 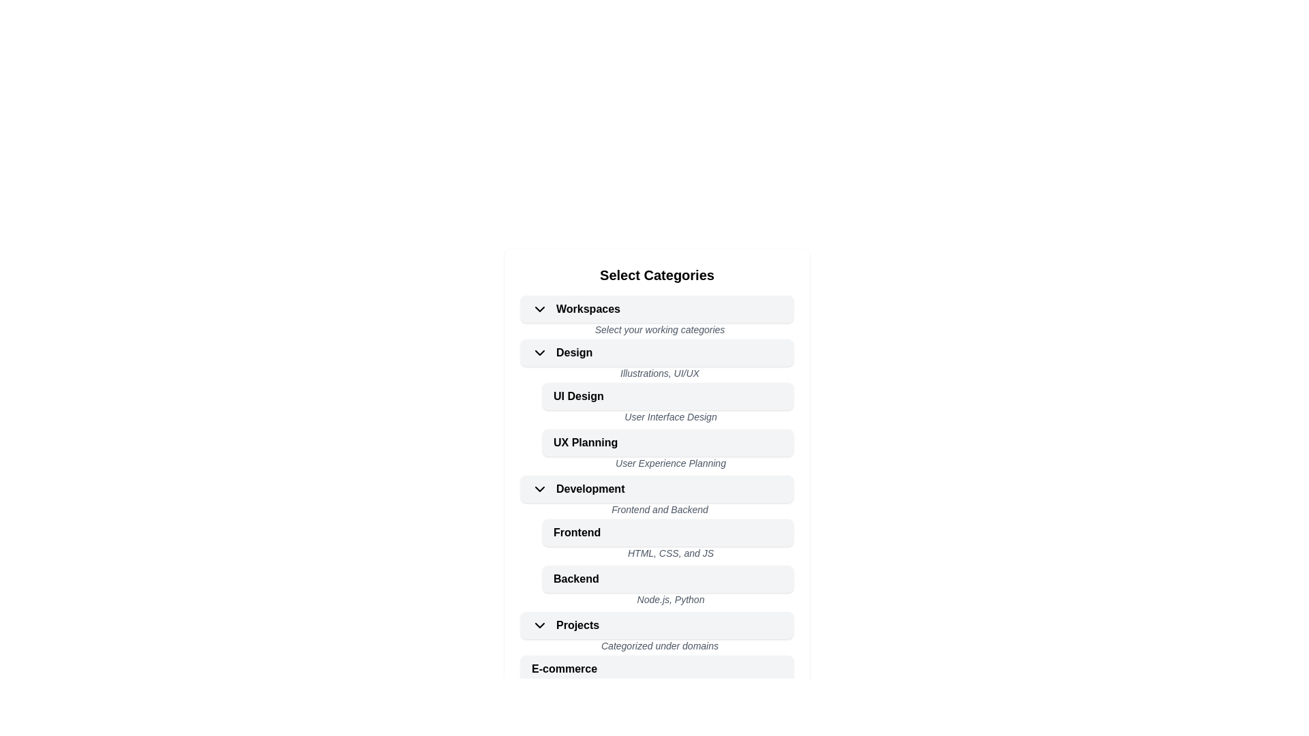 What do you see at coordinates (657, 451) in the screenshot?
I see `the selectable option for 'UX Planning' located under the 'Design' section, which follows the 'UI Design' entry` at bounding box center [657, 451].